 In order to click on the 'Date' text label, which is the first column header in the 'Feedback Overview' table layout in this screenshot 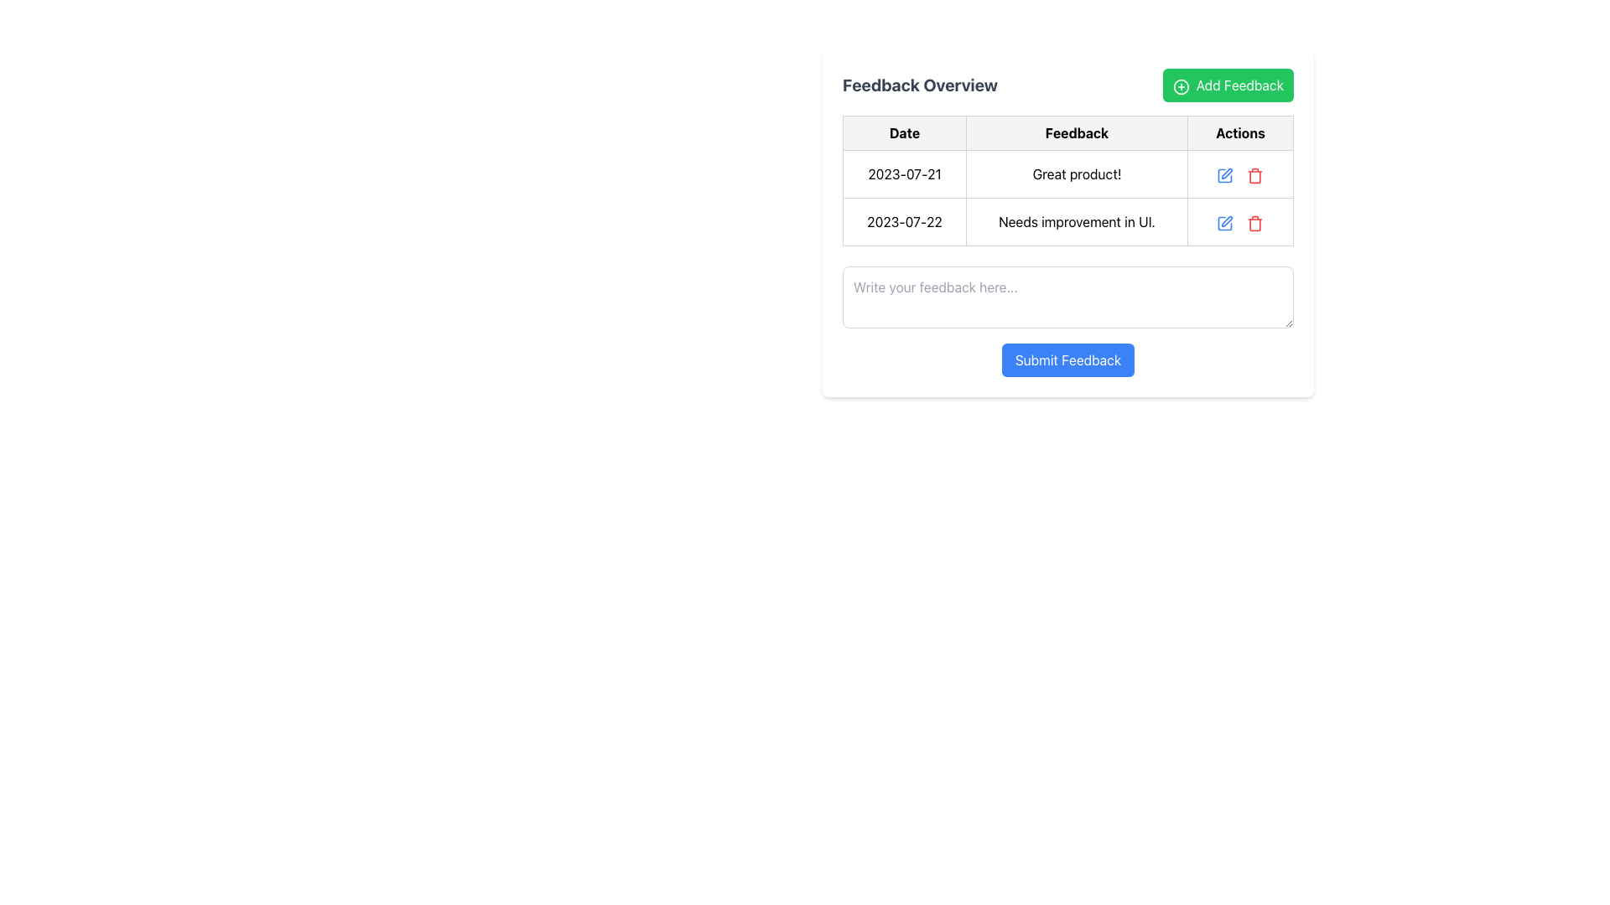, I will do `click(904, 132)`.